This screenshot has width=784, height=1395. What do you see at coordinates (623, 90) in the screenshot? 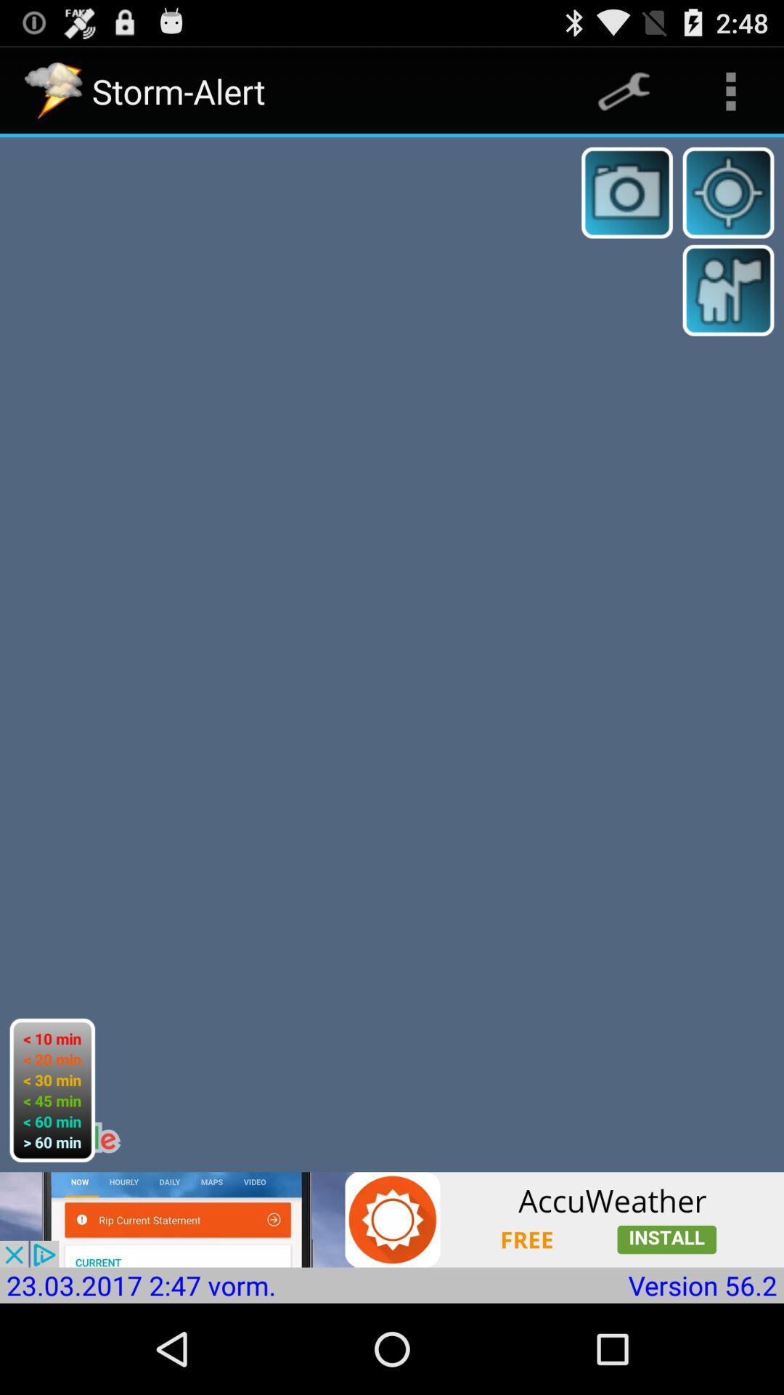
I see `app next to storm-alert item` at bounding box center [623, 90].